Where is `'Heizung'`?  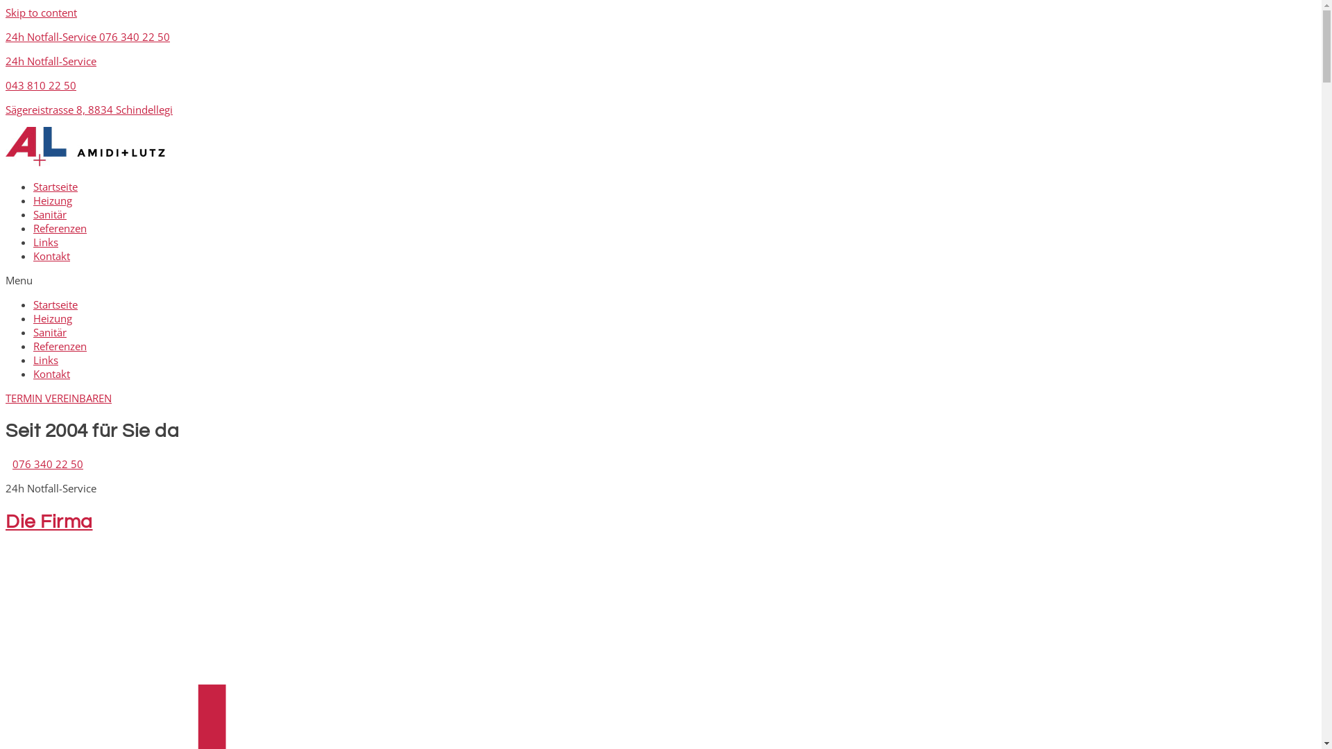
'Heizung' is located at coordinates (53, 200).